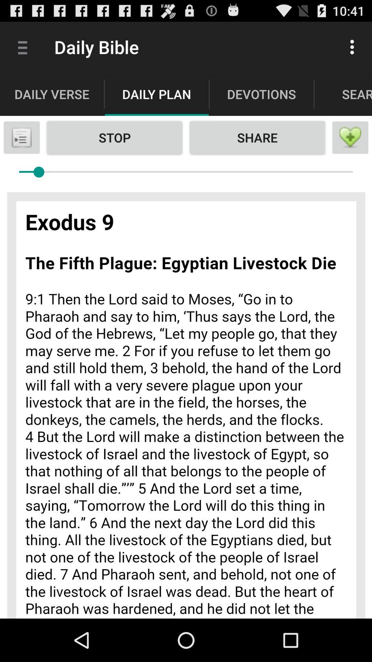 The image size is (372, 662). What do you see at coordinates (186, 402) in the screenshot?
I see `advertisement page` at bounding box center [186, 402].